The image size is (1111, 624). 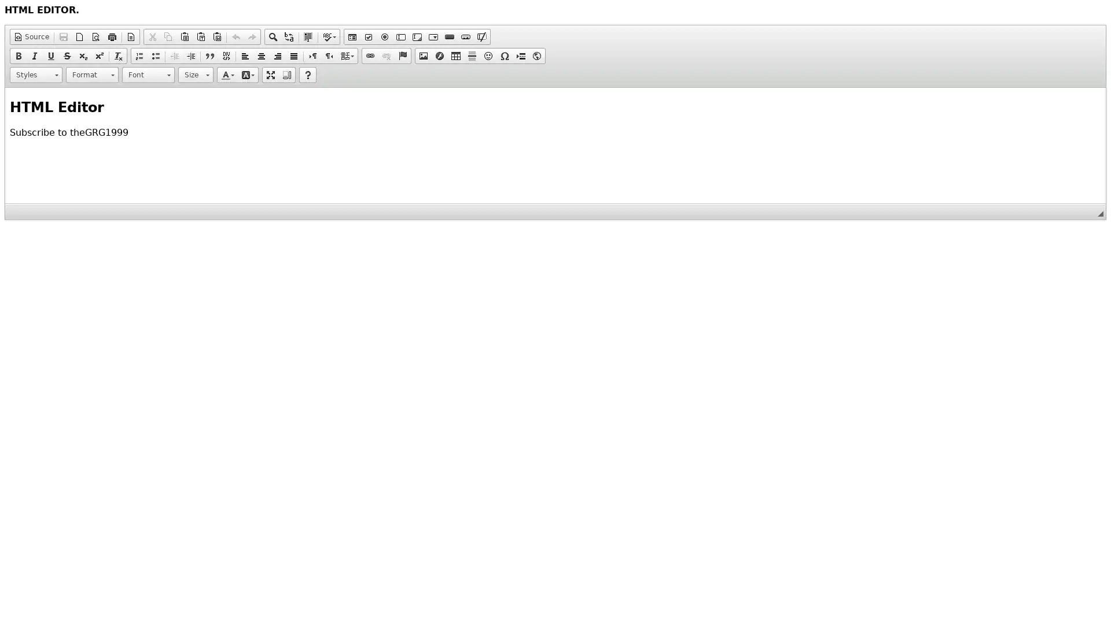 What do you see at coordinates (216, 36) in the screenshot?
I see `Paste from Word` at bounding box center [216, 36].